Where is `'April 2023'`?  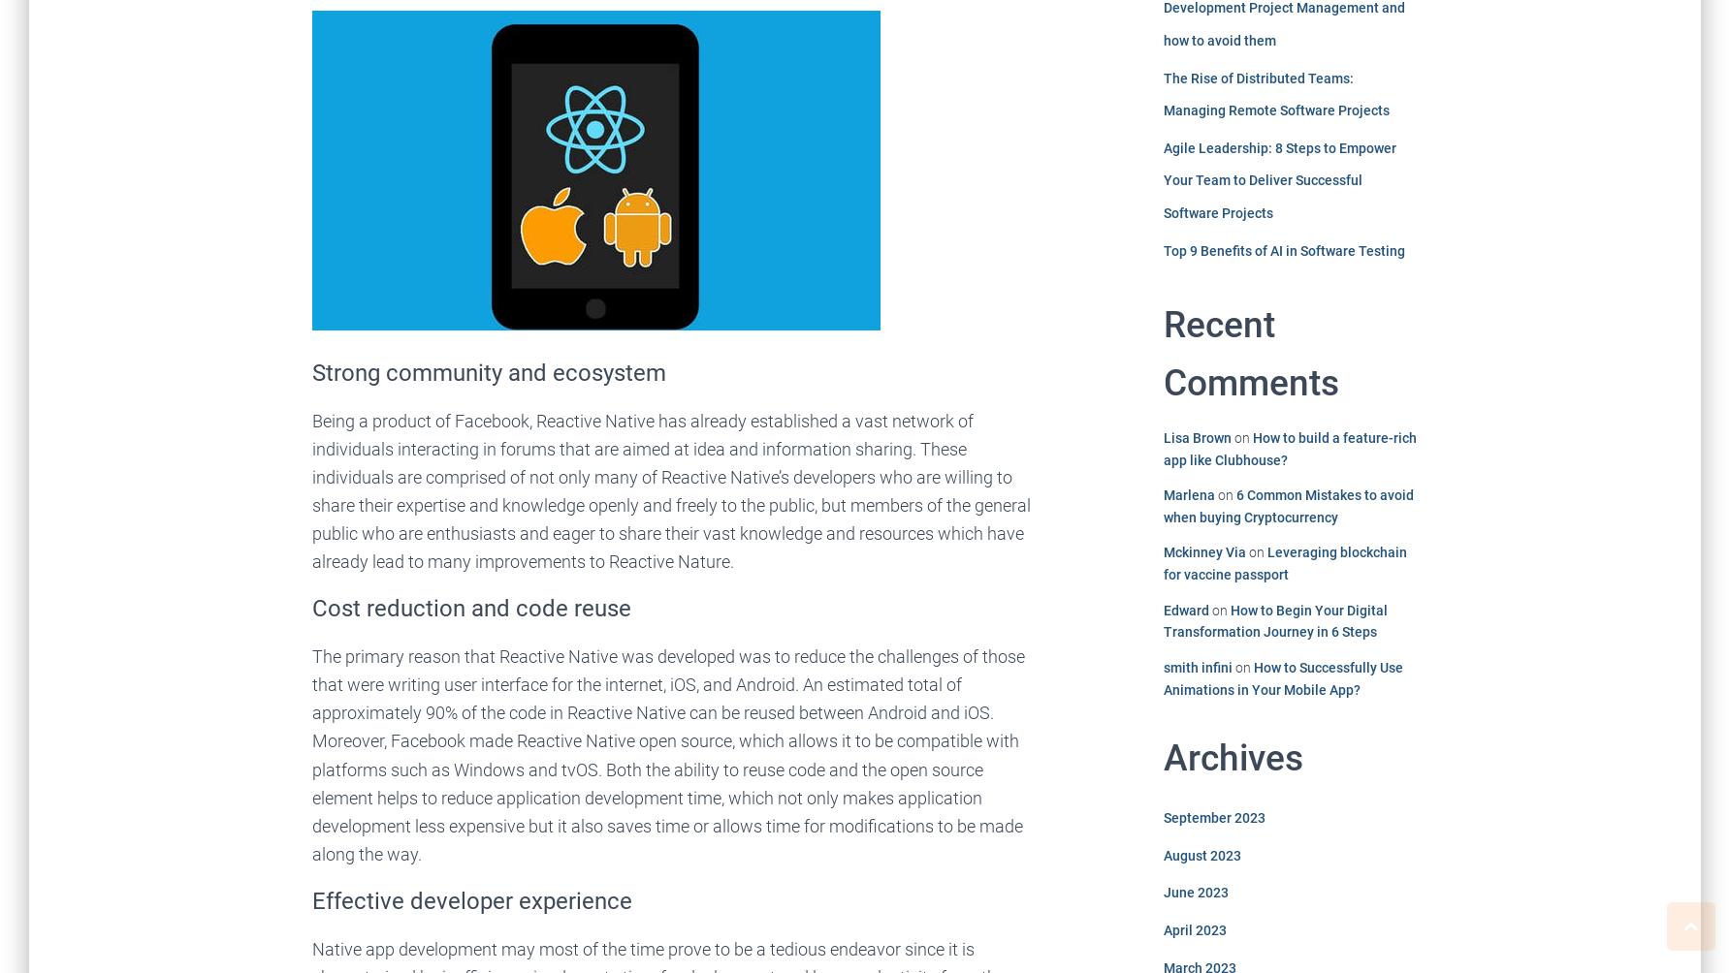
'April 2023' is located at coordinates (1193, 928).